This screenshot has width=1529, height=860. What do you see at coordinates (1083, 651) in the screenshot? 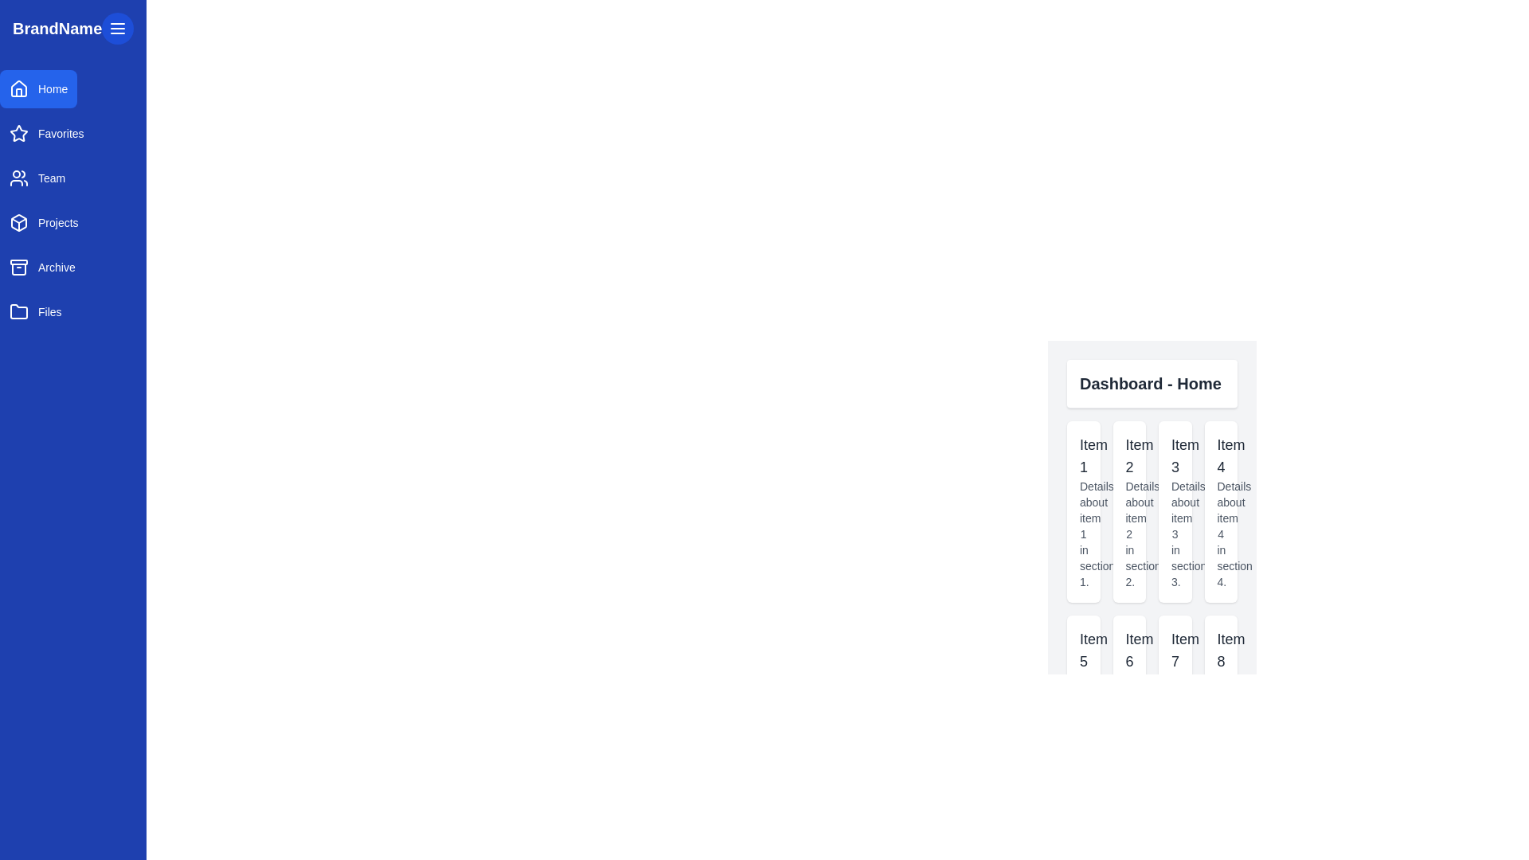
I see `the 'Item 5' text label, which serves as the title for its card, located in the bottom row of the grid layout` at bounding box center [1083, 651].